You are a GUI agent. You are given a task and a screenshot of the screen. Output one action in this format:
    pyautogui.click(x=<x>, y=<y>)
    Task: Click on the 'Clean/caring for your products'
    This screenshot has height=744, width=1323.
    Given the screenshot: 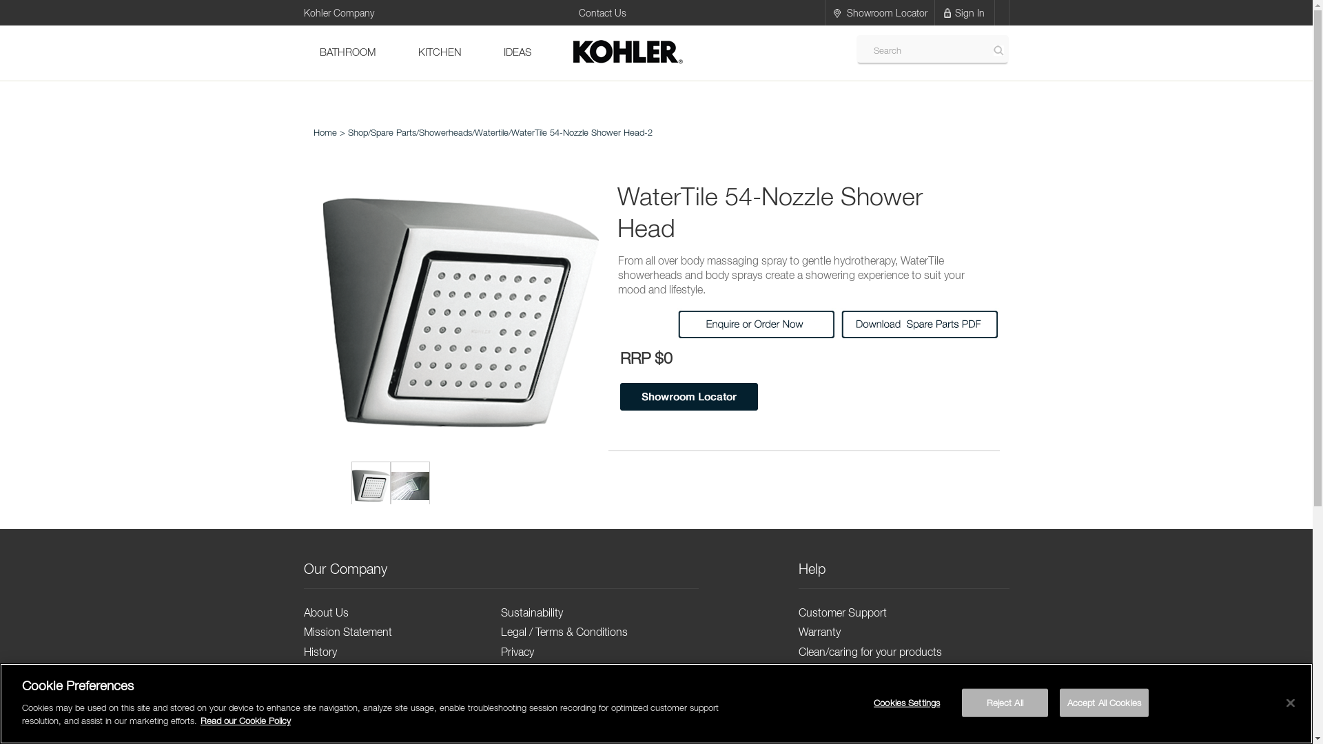 What is the action you would take?
    pyautogui.click(x=869, y=651)
    